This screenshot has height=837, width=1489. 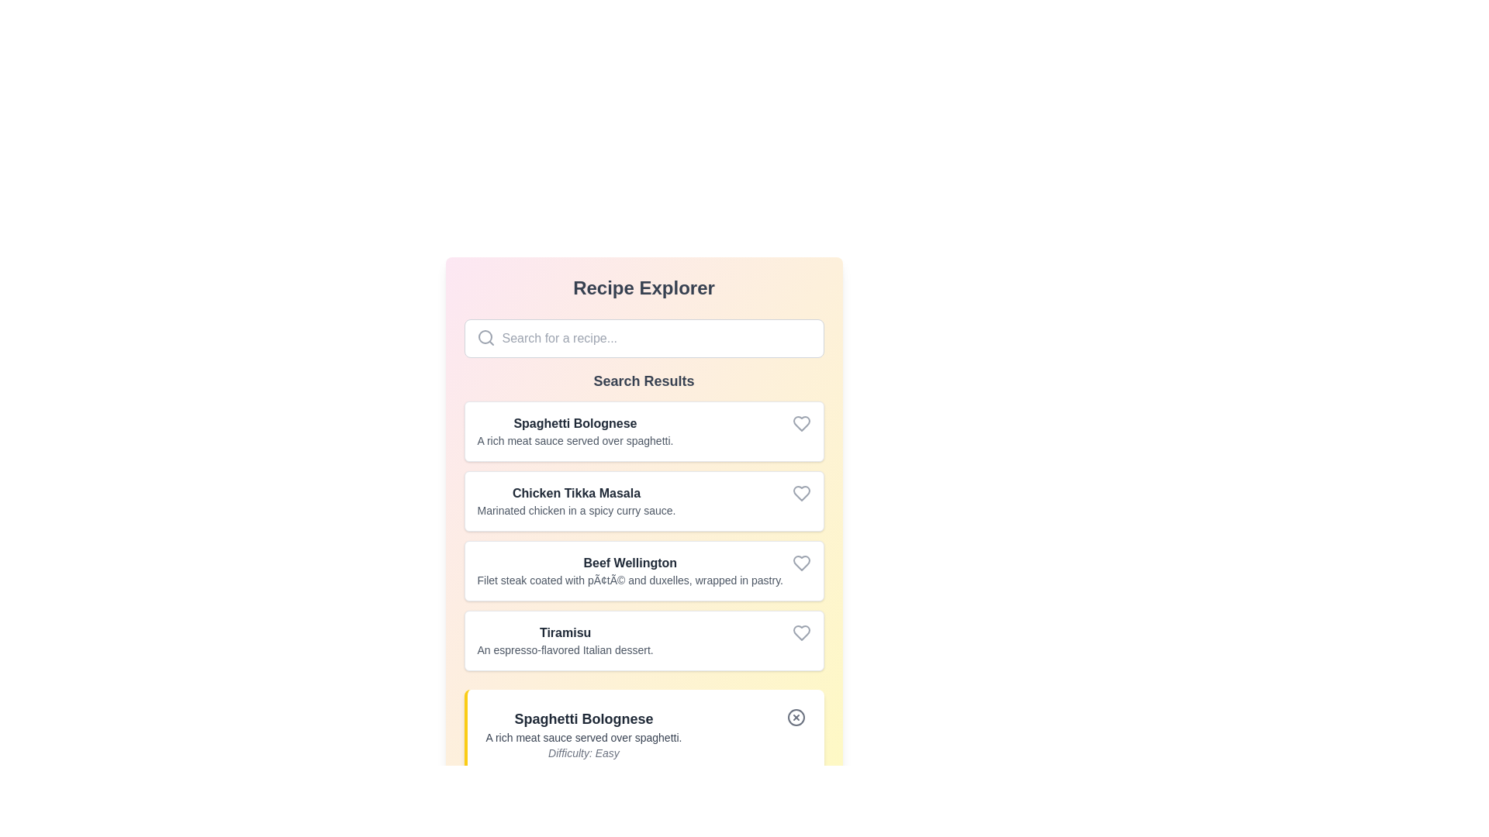 What do you see at coordinates (801, 424) in the screenshot?
I see `the icon located to the right of the 'Spaghetti Bolognese' text` at bounding box center [801, 424].